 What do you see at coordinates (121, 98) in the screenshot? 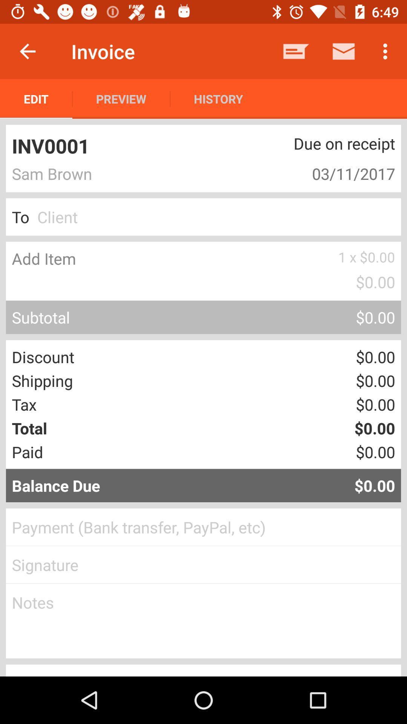
I see `the item next to history item` at bounding box center [121, 98].